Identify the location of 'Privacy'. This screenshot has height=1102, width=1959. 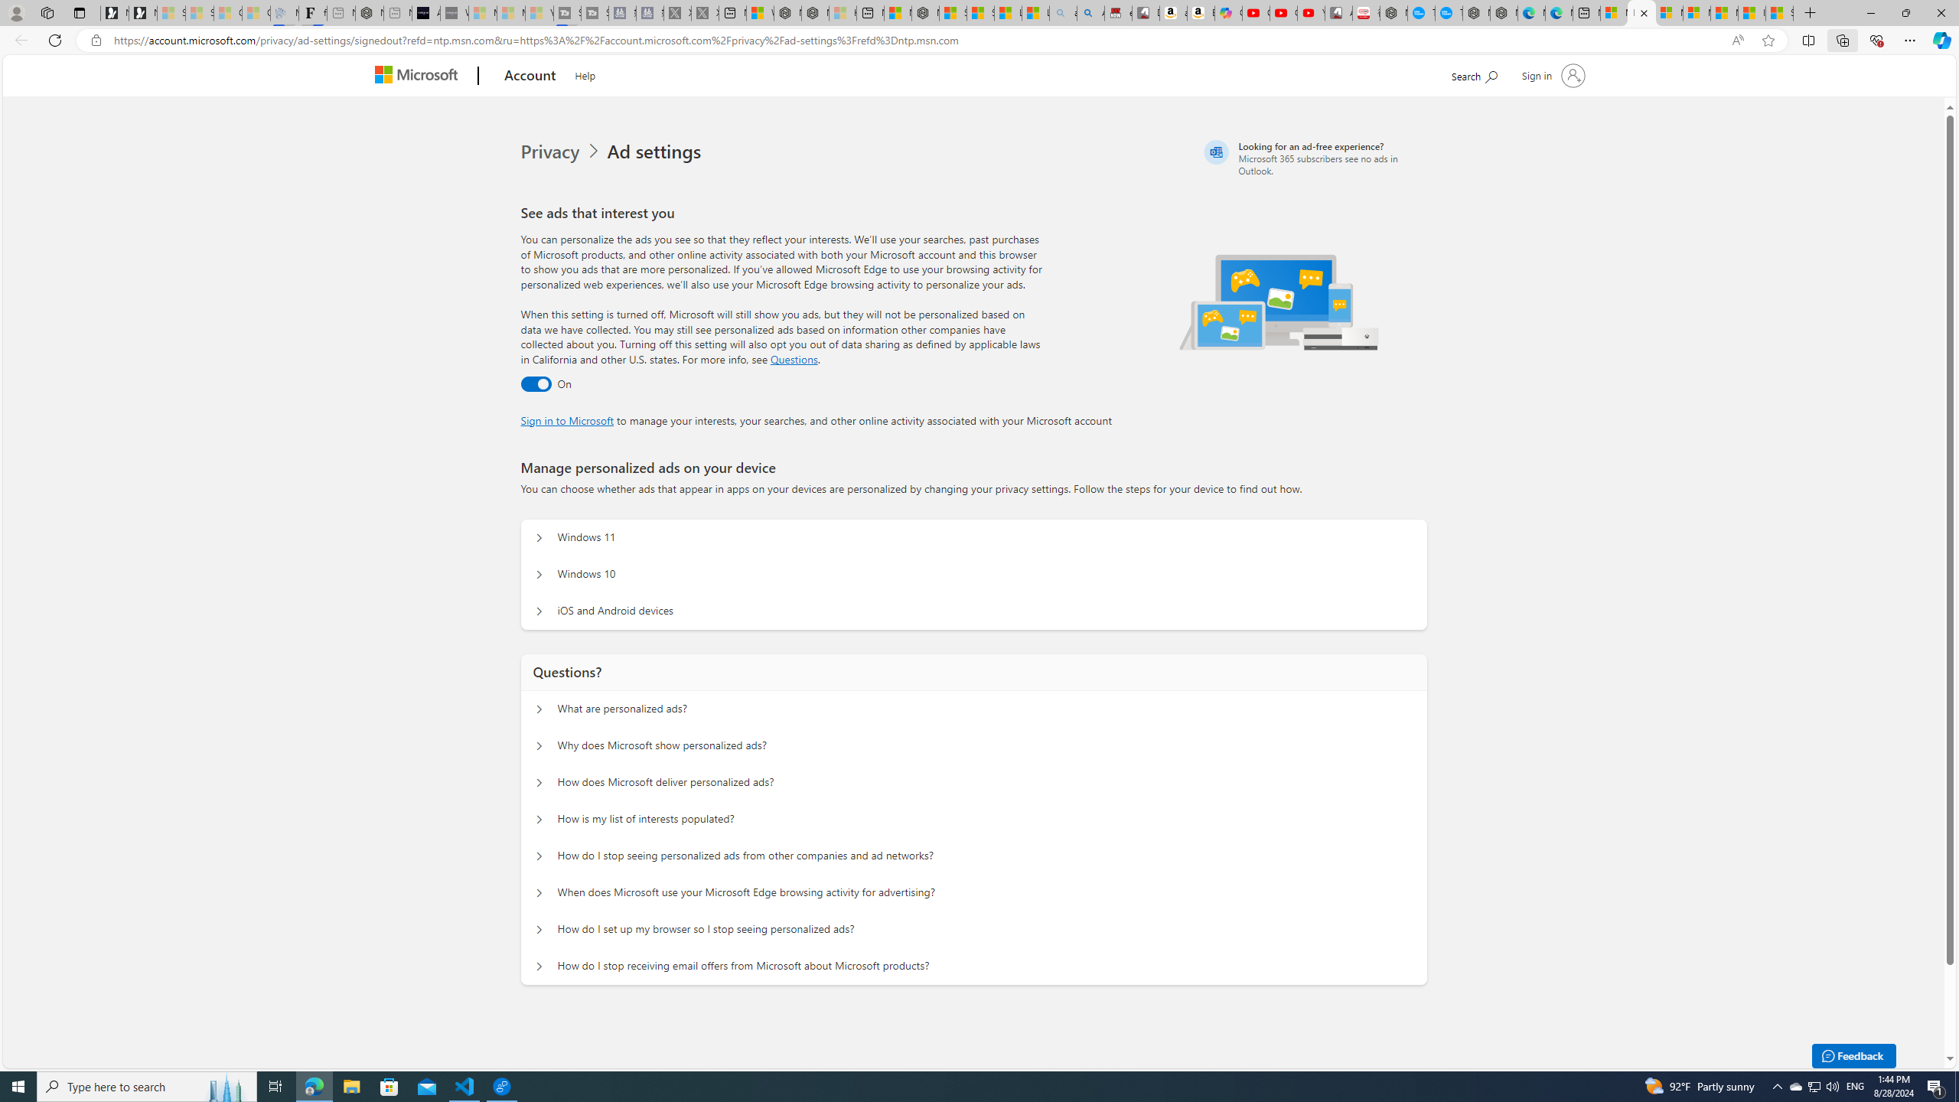
(552, 152).